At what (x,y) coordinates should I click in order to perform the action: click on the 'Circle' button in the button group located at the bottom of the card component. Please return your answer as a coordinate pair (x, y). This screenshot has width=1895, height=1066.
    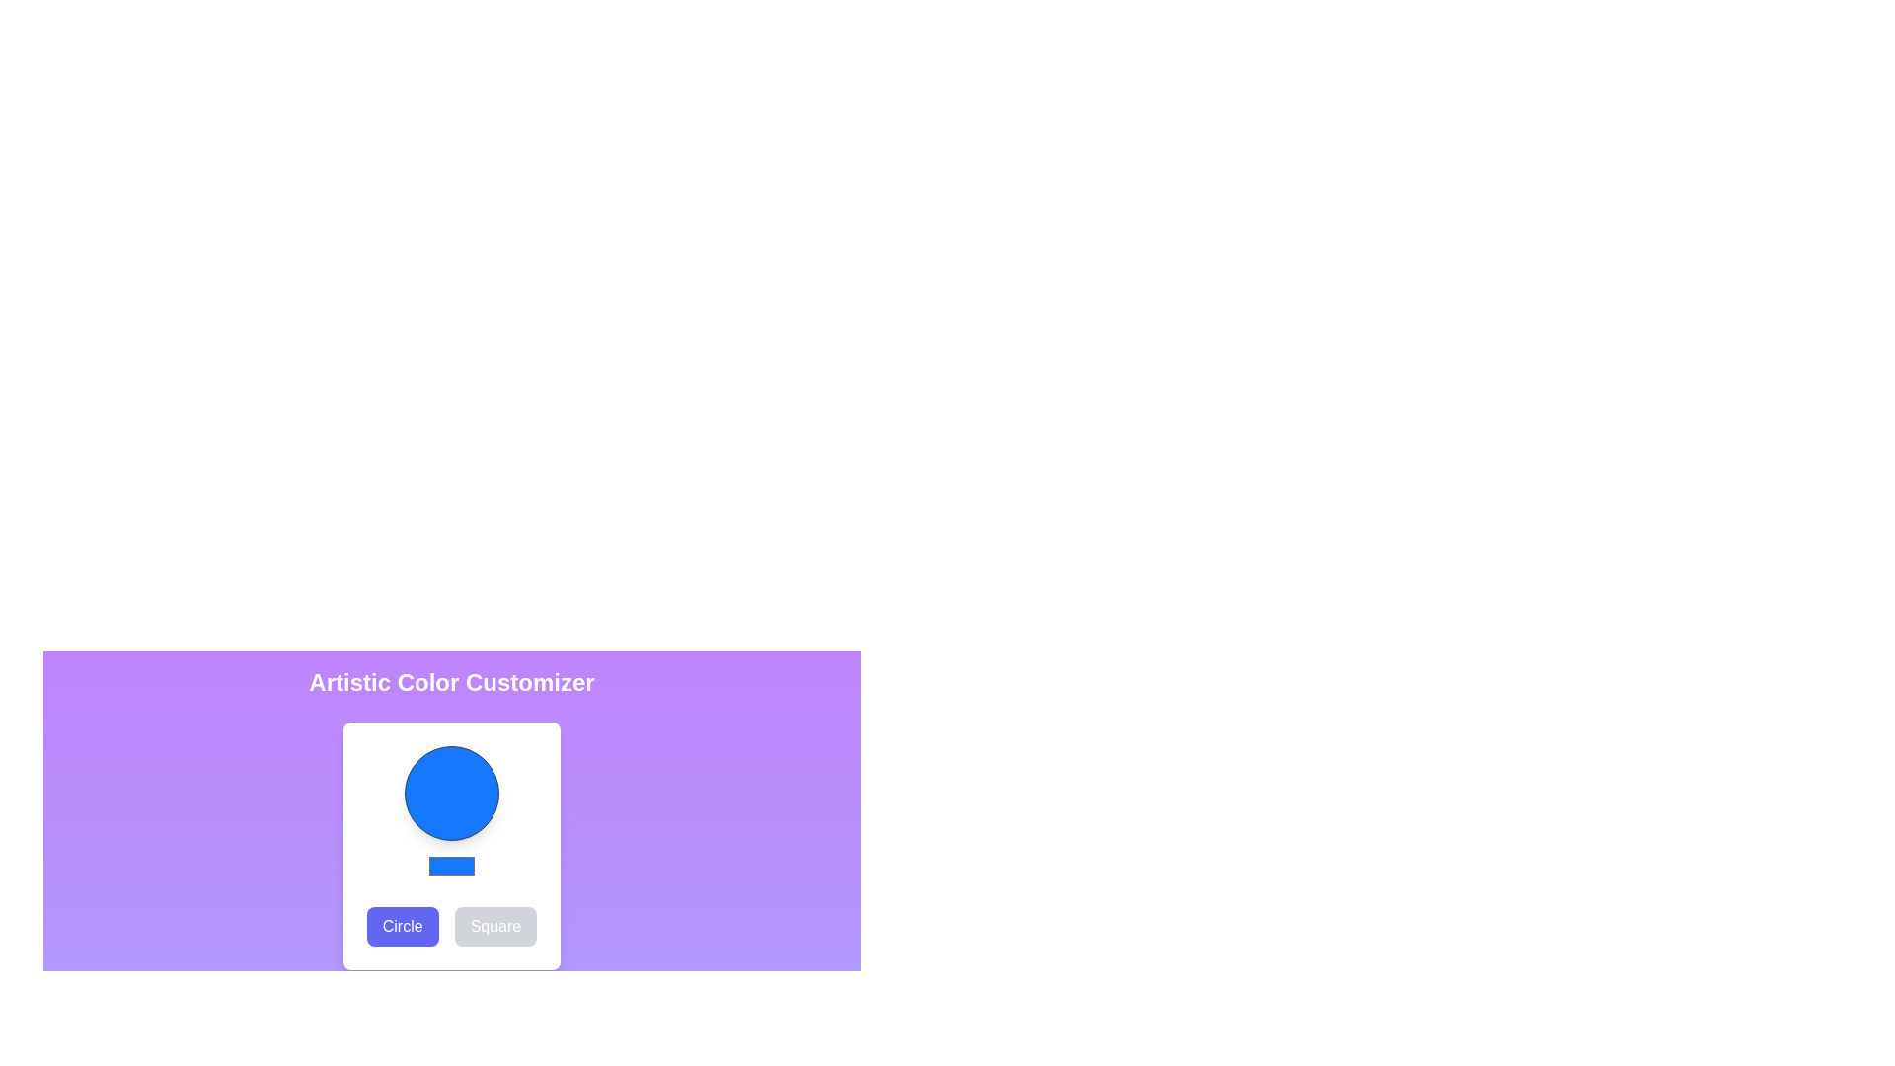
    Looking at the image, I should click on (450, 926).